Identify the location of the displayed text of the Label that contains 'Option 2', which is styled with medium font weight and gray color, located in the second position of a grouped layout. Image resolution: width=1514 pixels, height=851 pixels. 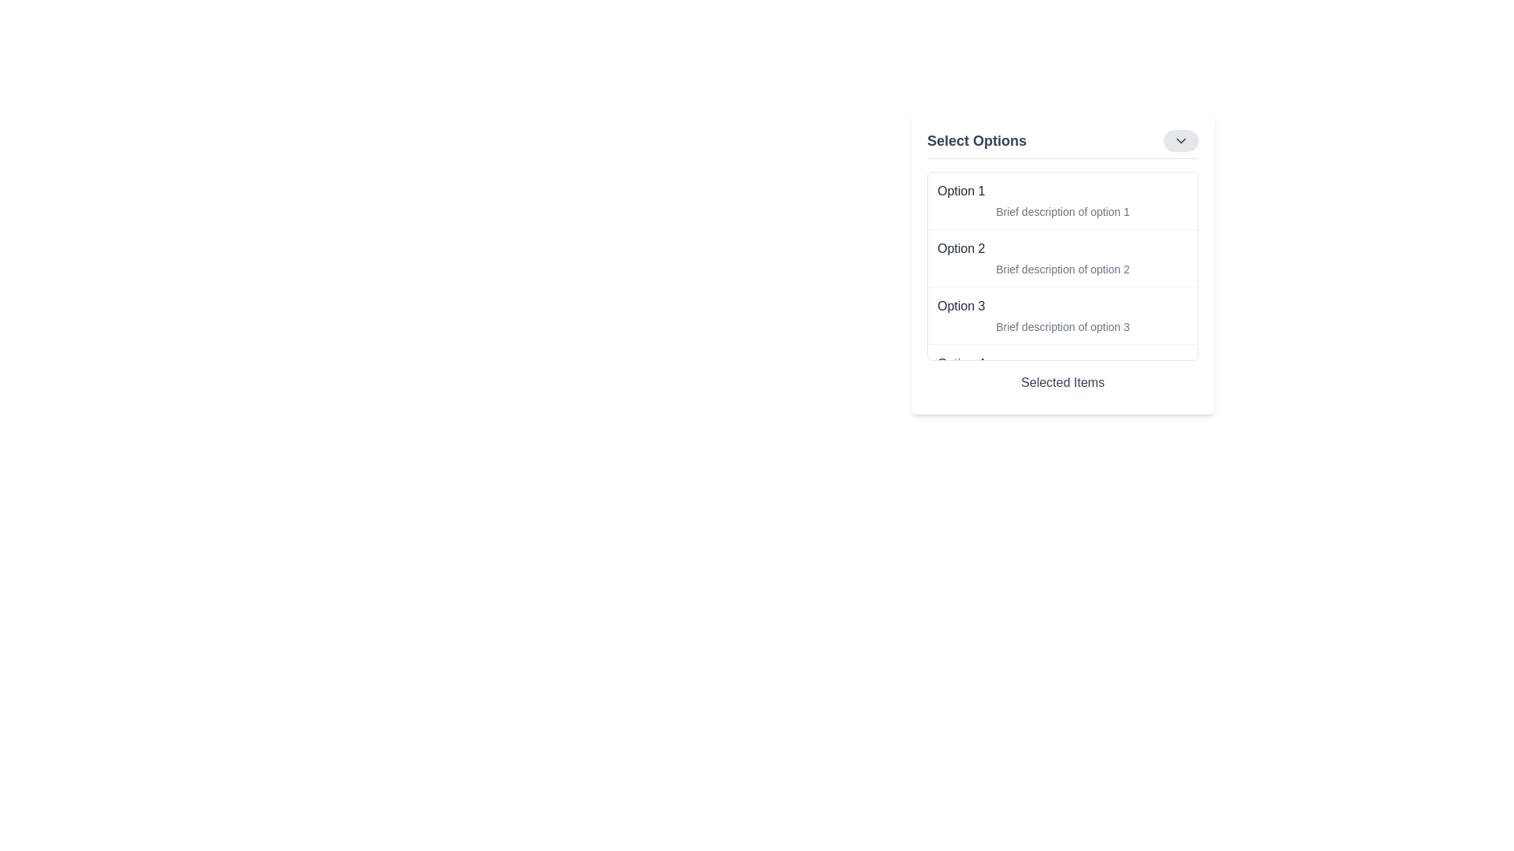
(960, 248).